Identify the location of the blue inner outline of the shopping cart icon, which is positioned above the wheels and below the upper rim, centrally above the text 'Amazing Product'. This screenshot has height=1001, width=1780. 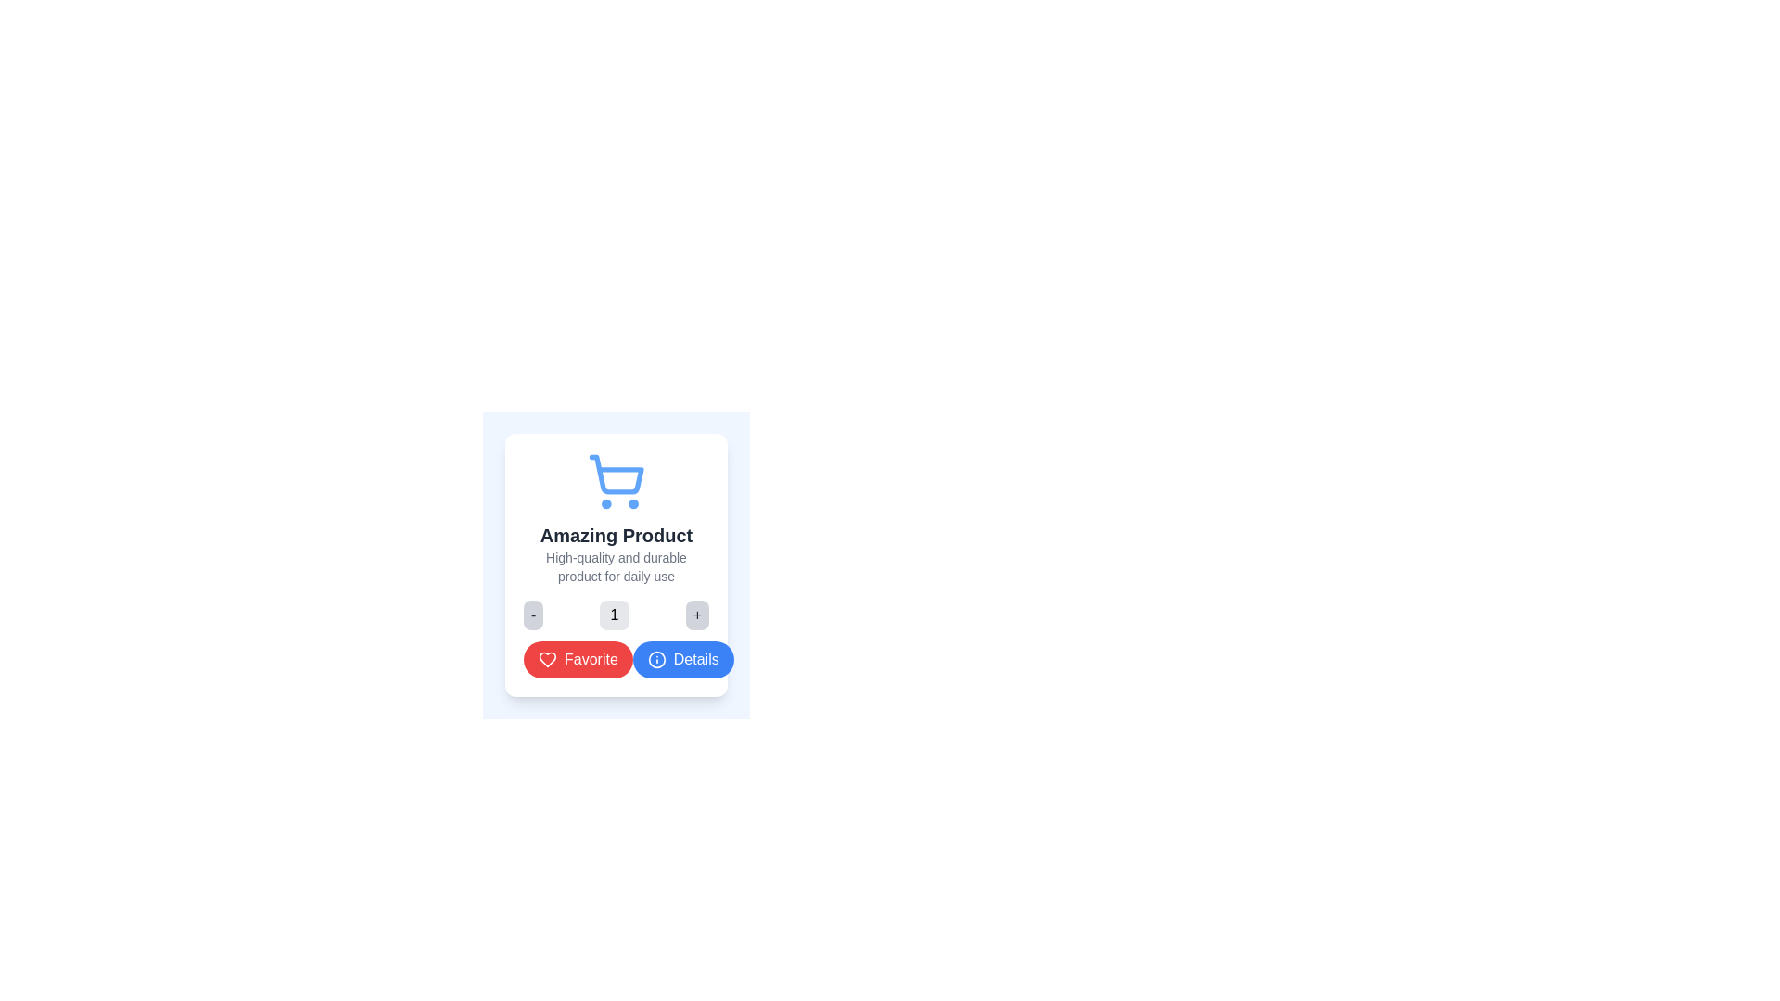
(617, 474).